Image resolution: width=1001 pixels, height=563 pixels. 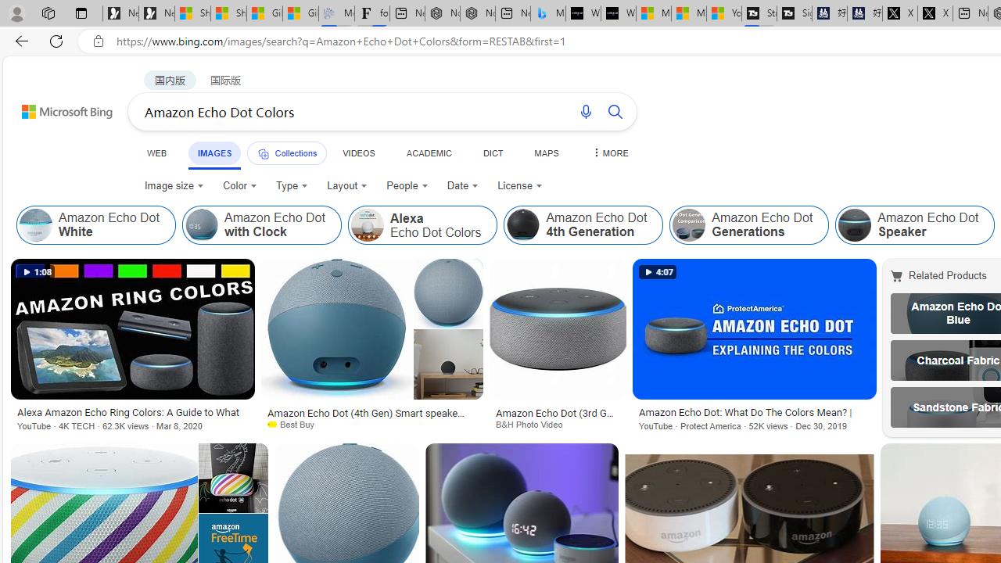 I want to click on 'WEB', so click(x=157, y=152).